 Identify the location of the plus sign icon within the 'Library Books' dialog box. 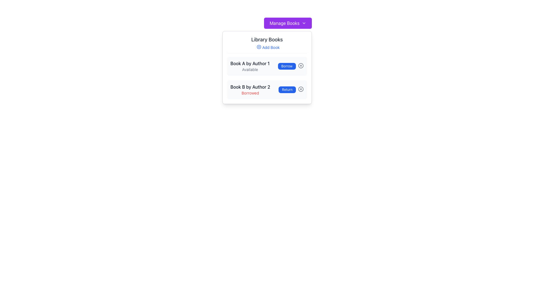
(258, 47).